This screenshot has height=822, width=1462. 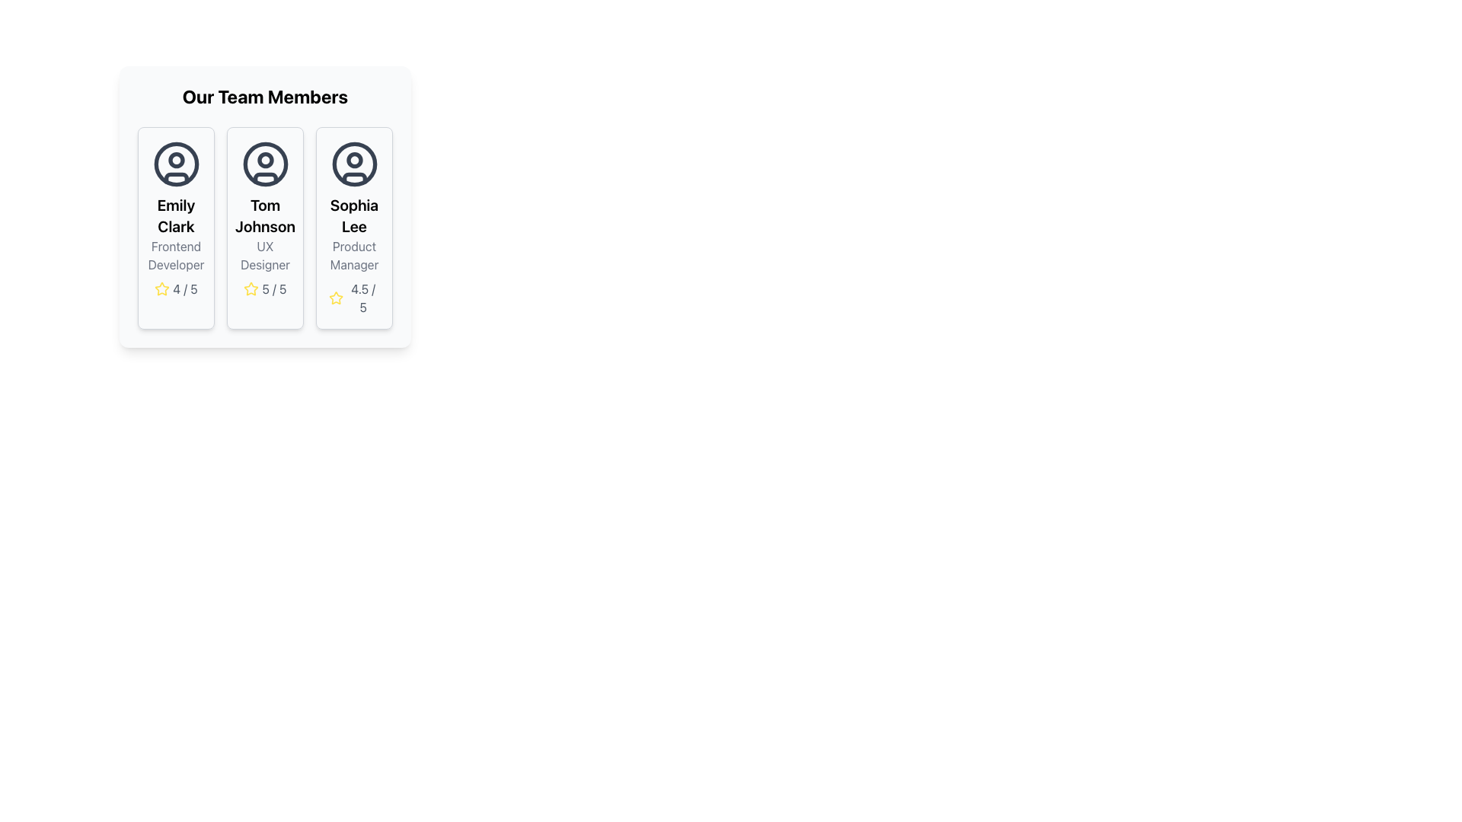 I want to click on the yellow star-shaped icon with a hollow center, which is centered within the card of the team member labeled 'Tom Johnson', so click(x=335, y=298).